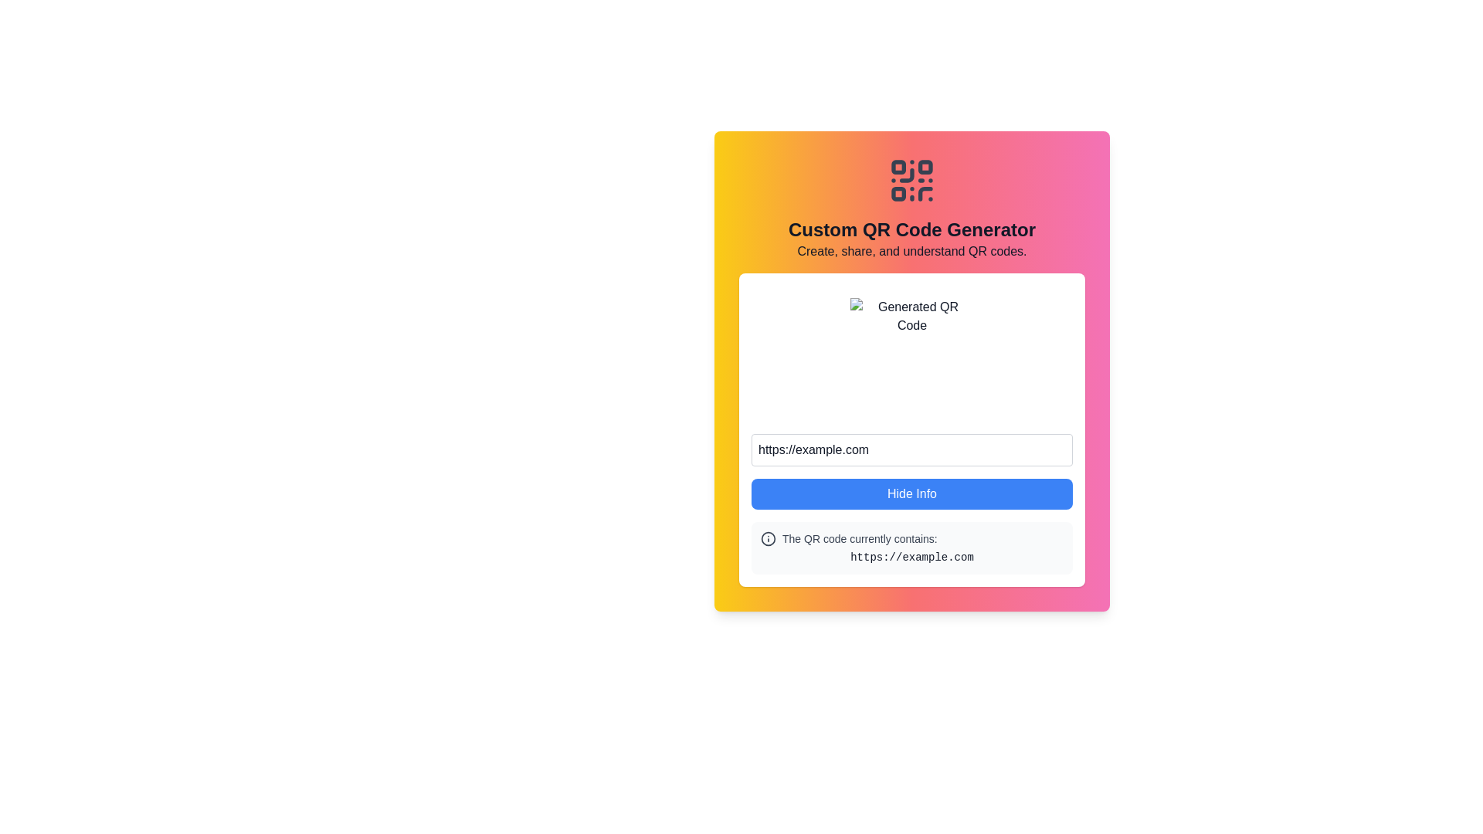 Image resolution: width=1483 pixels, height=834 pixels. Describe the element at coordinates (859, 538) in the screenshot. I see `text label that states 'The QR code currently contains:' located in the footer area of the QR code generation interface` at that location.